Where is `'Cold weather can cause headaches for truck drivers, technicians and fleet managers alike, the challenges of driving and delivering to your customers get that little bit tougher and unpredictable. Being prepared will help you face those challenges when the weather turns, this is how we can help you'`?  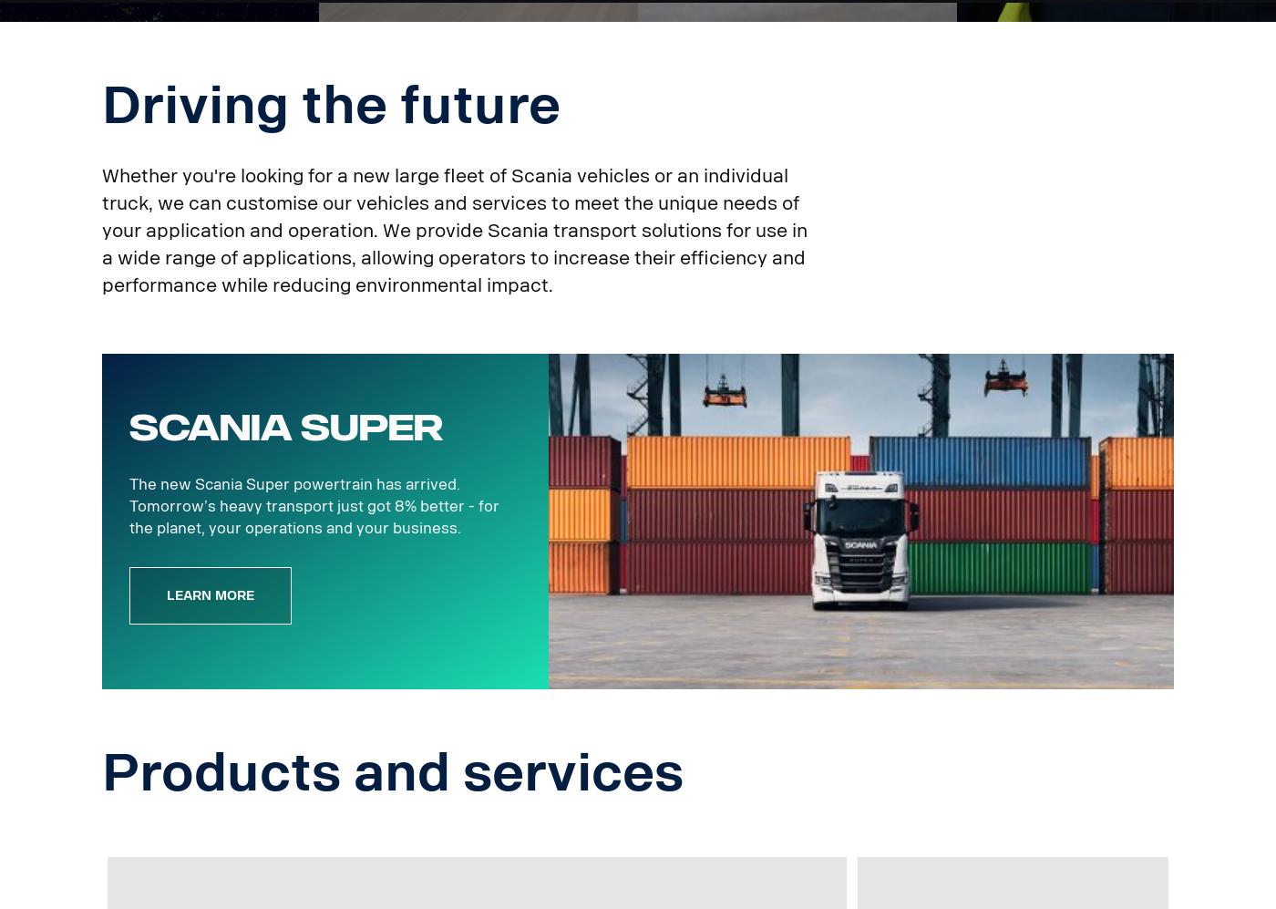
'Cold weather can cause headaches for truck drivers, technicians and fleet managers alike, the challenges of driving and delivering to your customers get that little bit tougher and unpredictable. Being prepared will help you face those challenges when the weather turns, this is how we can help you' is located at coordinates (824, 108).